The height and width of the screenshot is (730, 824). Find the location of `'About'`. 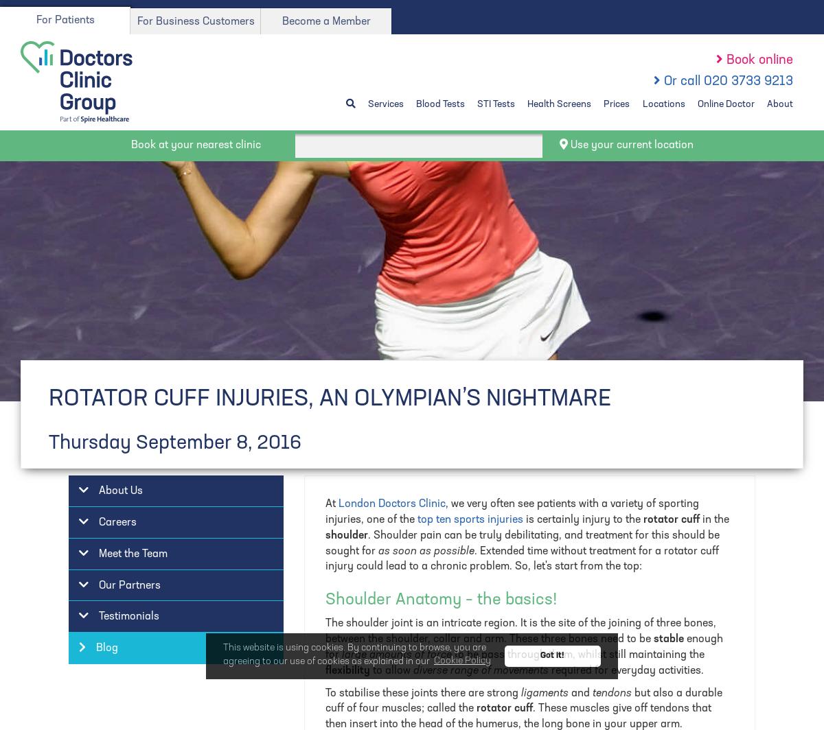

'About' is located at coordinates (766, 104).